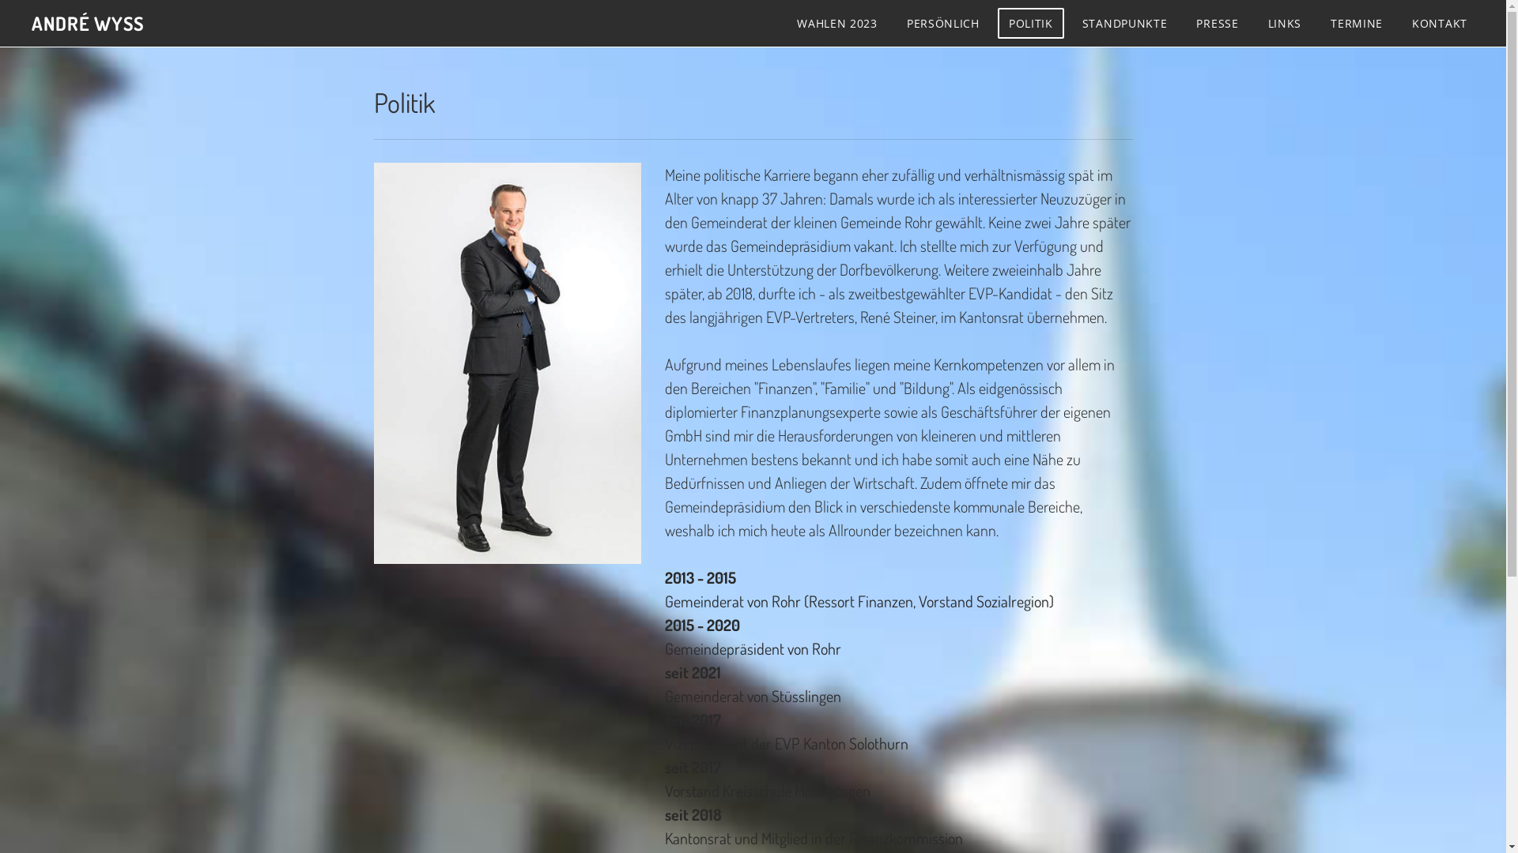  Describe the element at coordinates (1123, 23) in the screenshot. I see `'STANDPUNKTE'` at that location.